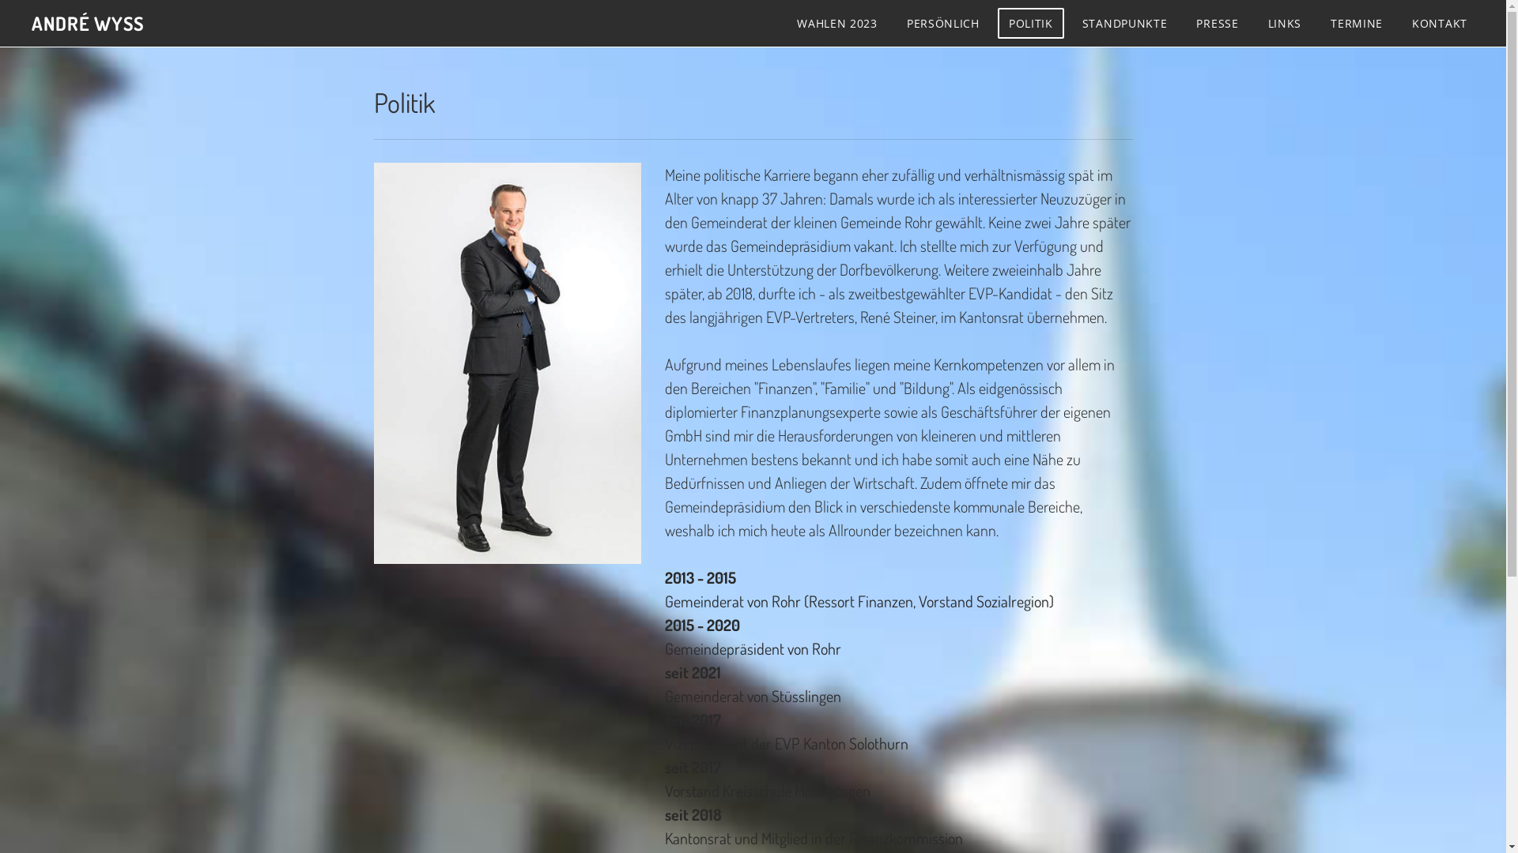  Describe the element at coordinates (1123, 23) in the screenshot. I see `'STANDPUNKTE'` at that location.